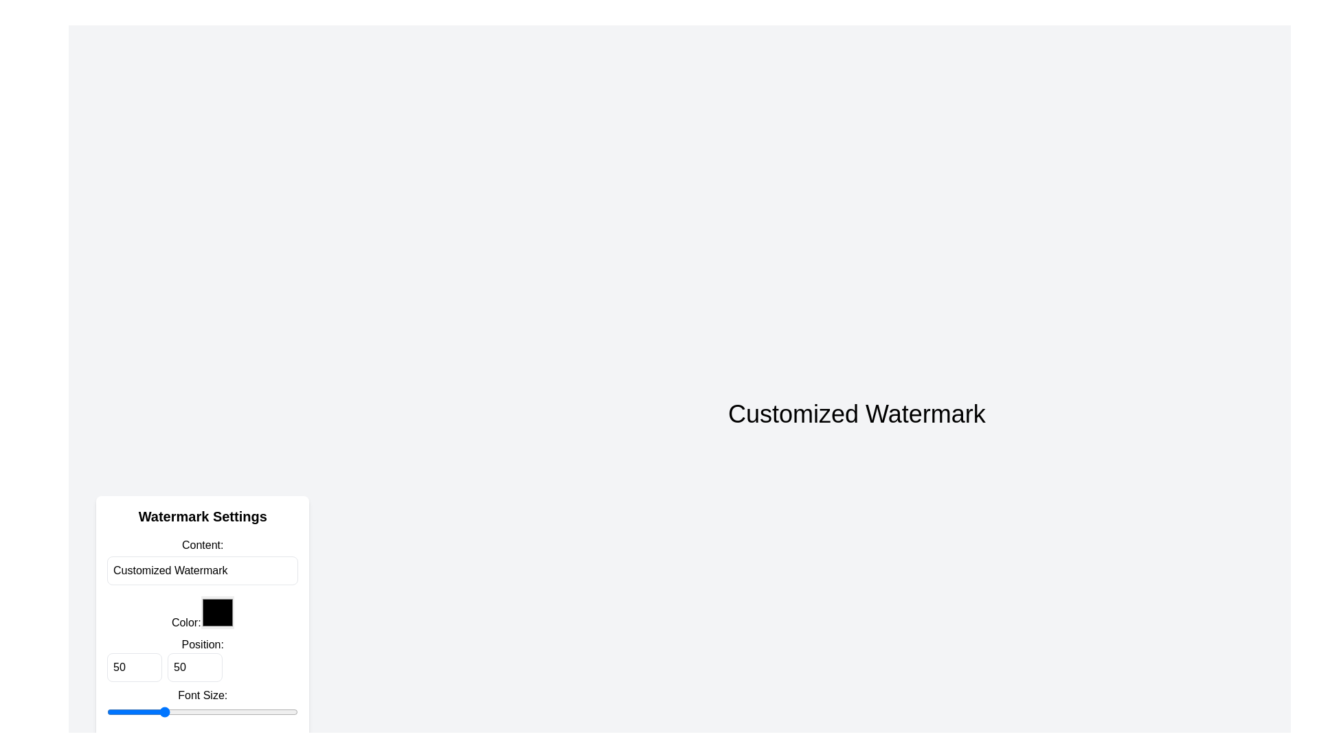 The height and width of the screenshot is (741, 1319). What do you see at coordinates (266, 711) in the screenshot?
I see `the font size` at bounding box center [266, 711].